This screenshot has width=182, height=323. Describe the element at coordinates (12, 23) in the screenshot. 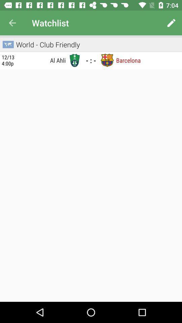

I see `the item next to watchlist icon` at that location.